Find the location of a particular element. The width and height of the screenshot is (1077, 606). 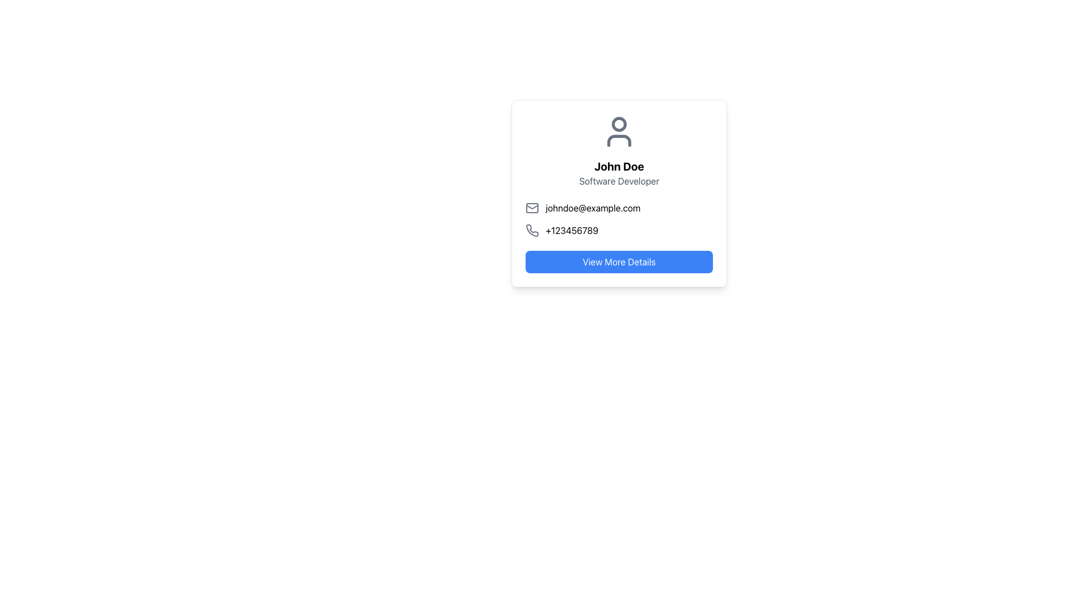

the phone receiver icon with a gray outline located to the left of the phone number '+123456789' in the user profile card is located at coordinates (532, 229).